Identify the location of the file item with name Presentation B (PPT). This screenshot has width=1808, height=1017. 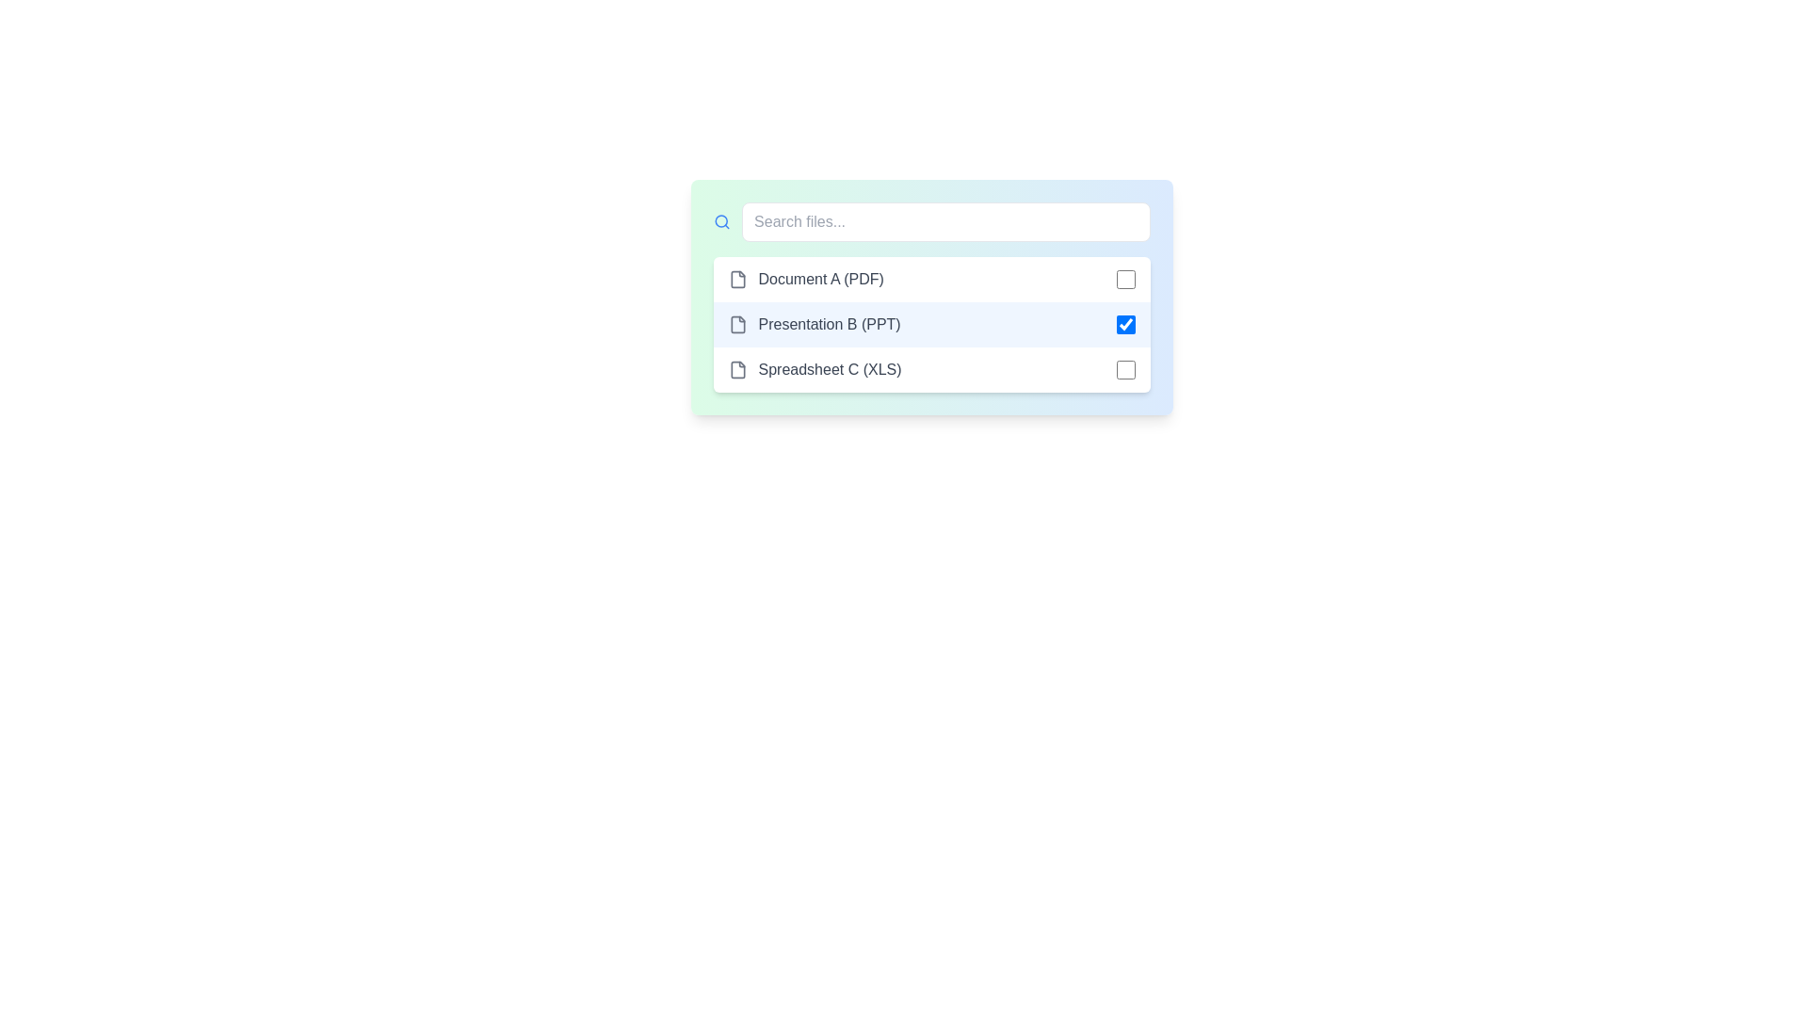
(931, 323).